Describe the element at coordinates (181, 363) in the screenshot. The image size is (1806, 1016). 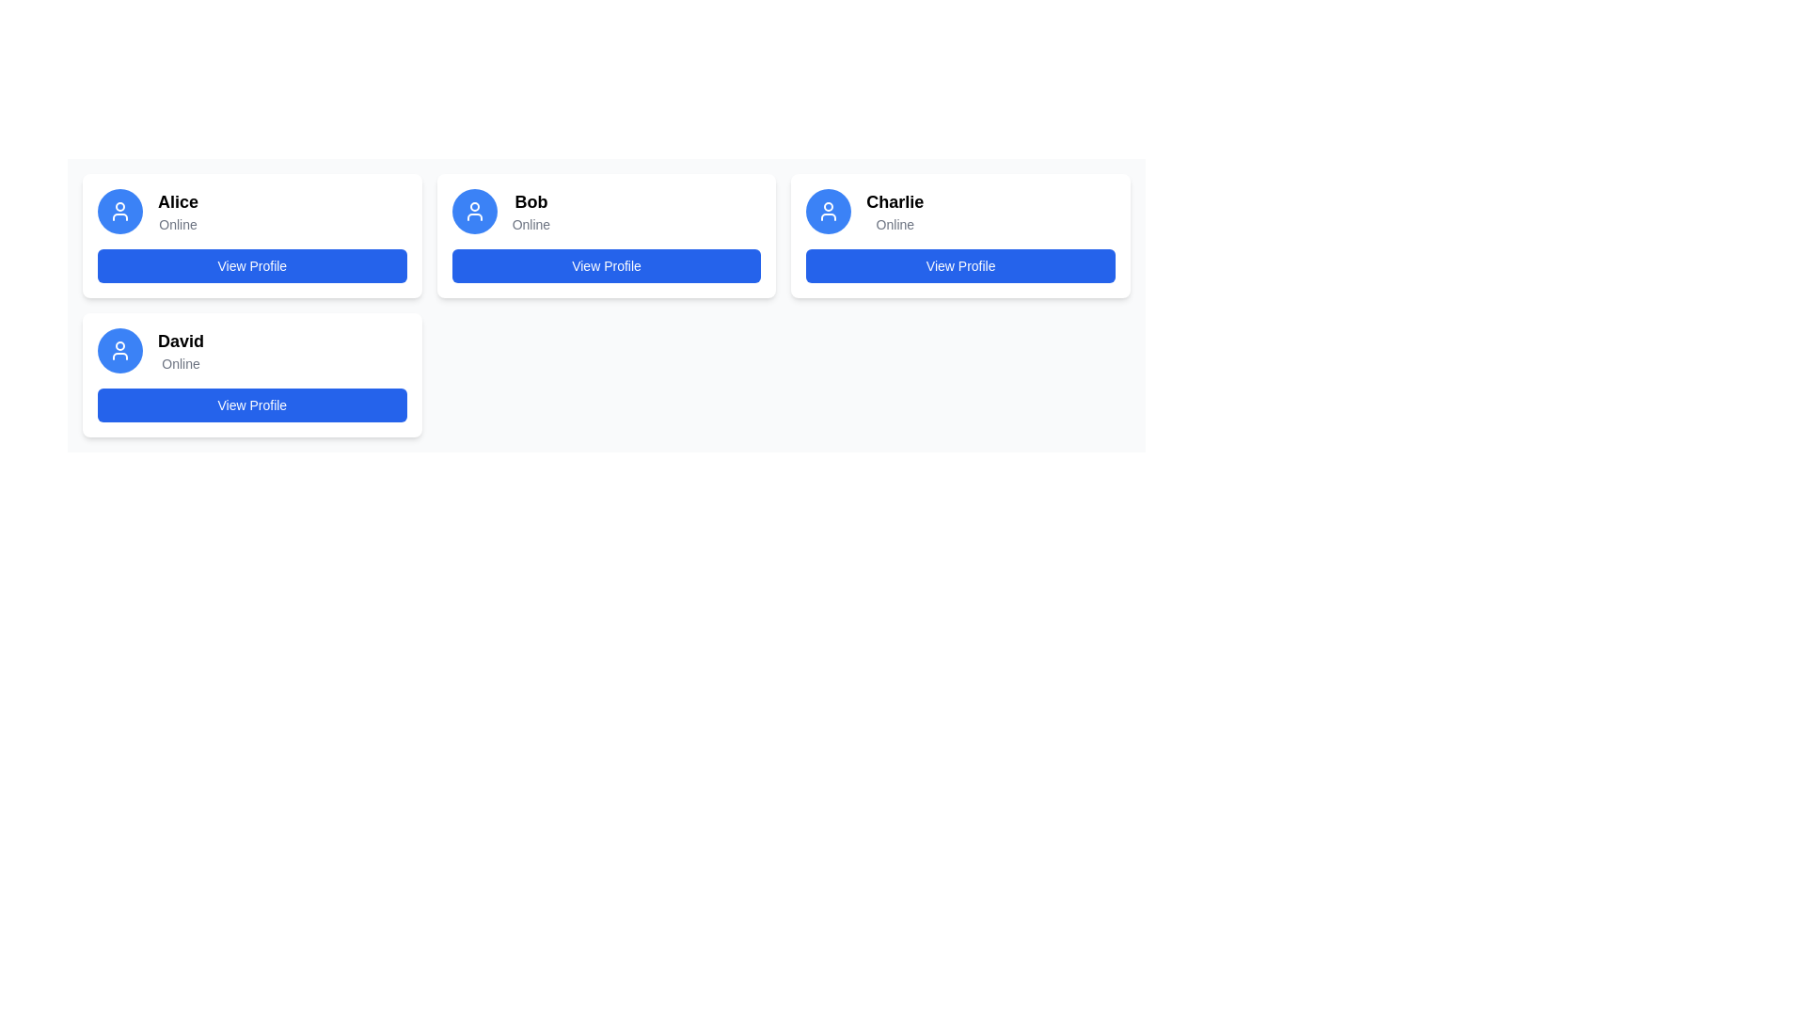
I see `the 'Online' status text displayed in gray font below the name 'David' in the user card` at that location.